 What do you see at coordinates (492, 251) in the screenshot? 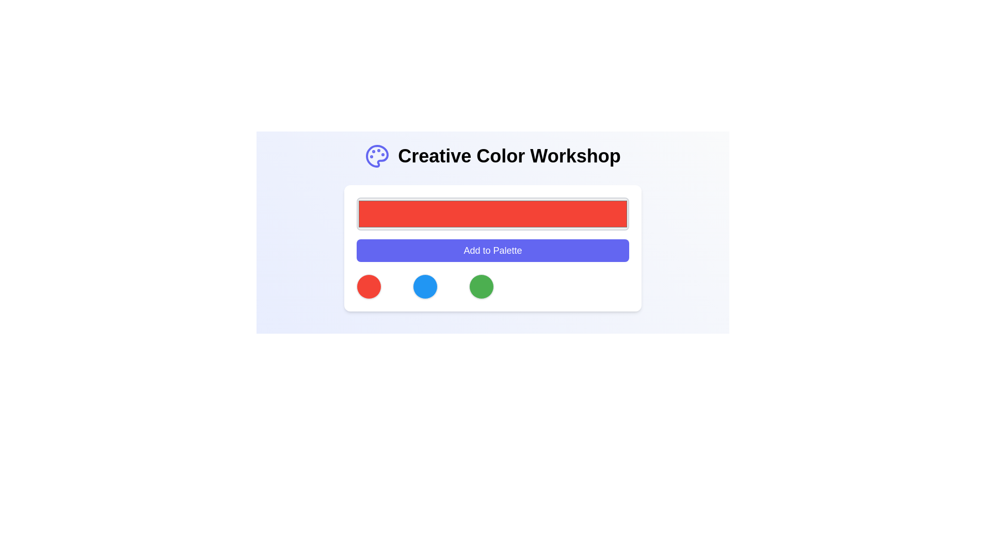
I see `the 'Add to Palette' button with rounded corners and a vibrant purple background` at bounding box center [492, 251].